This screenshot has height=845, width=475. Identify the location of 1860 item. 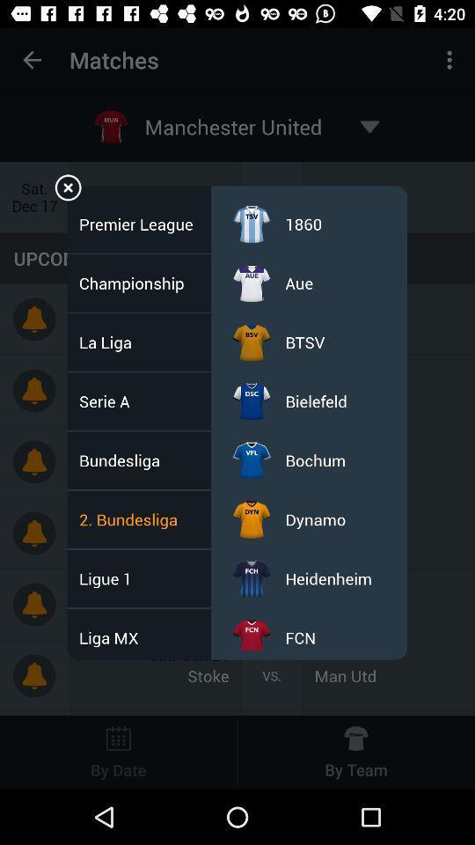
(303, 223).